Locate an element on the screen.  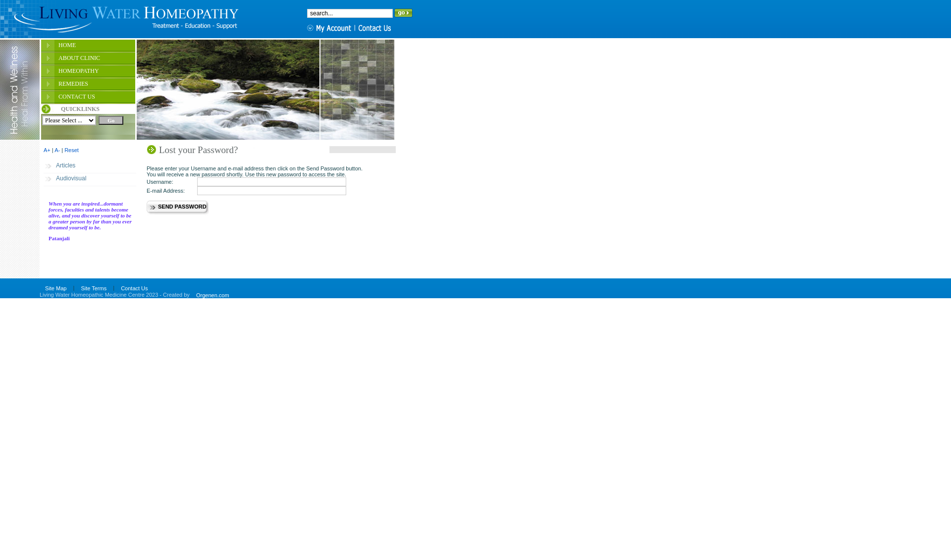
'HOME' is located at coordinates (40, 46).